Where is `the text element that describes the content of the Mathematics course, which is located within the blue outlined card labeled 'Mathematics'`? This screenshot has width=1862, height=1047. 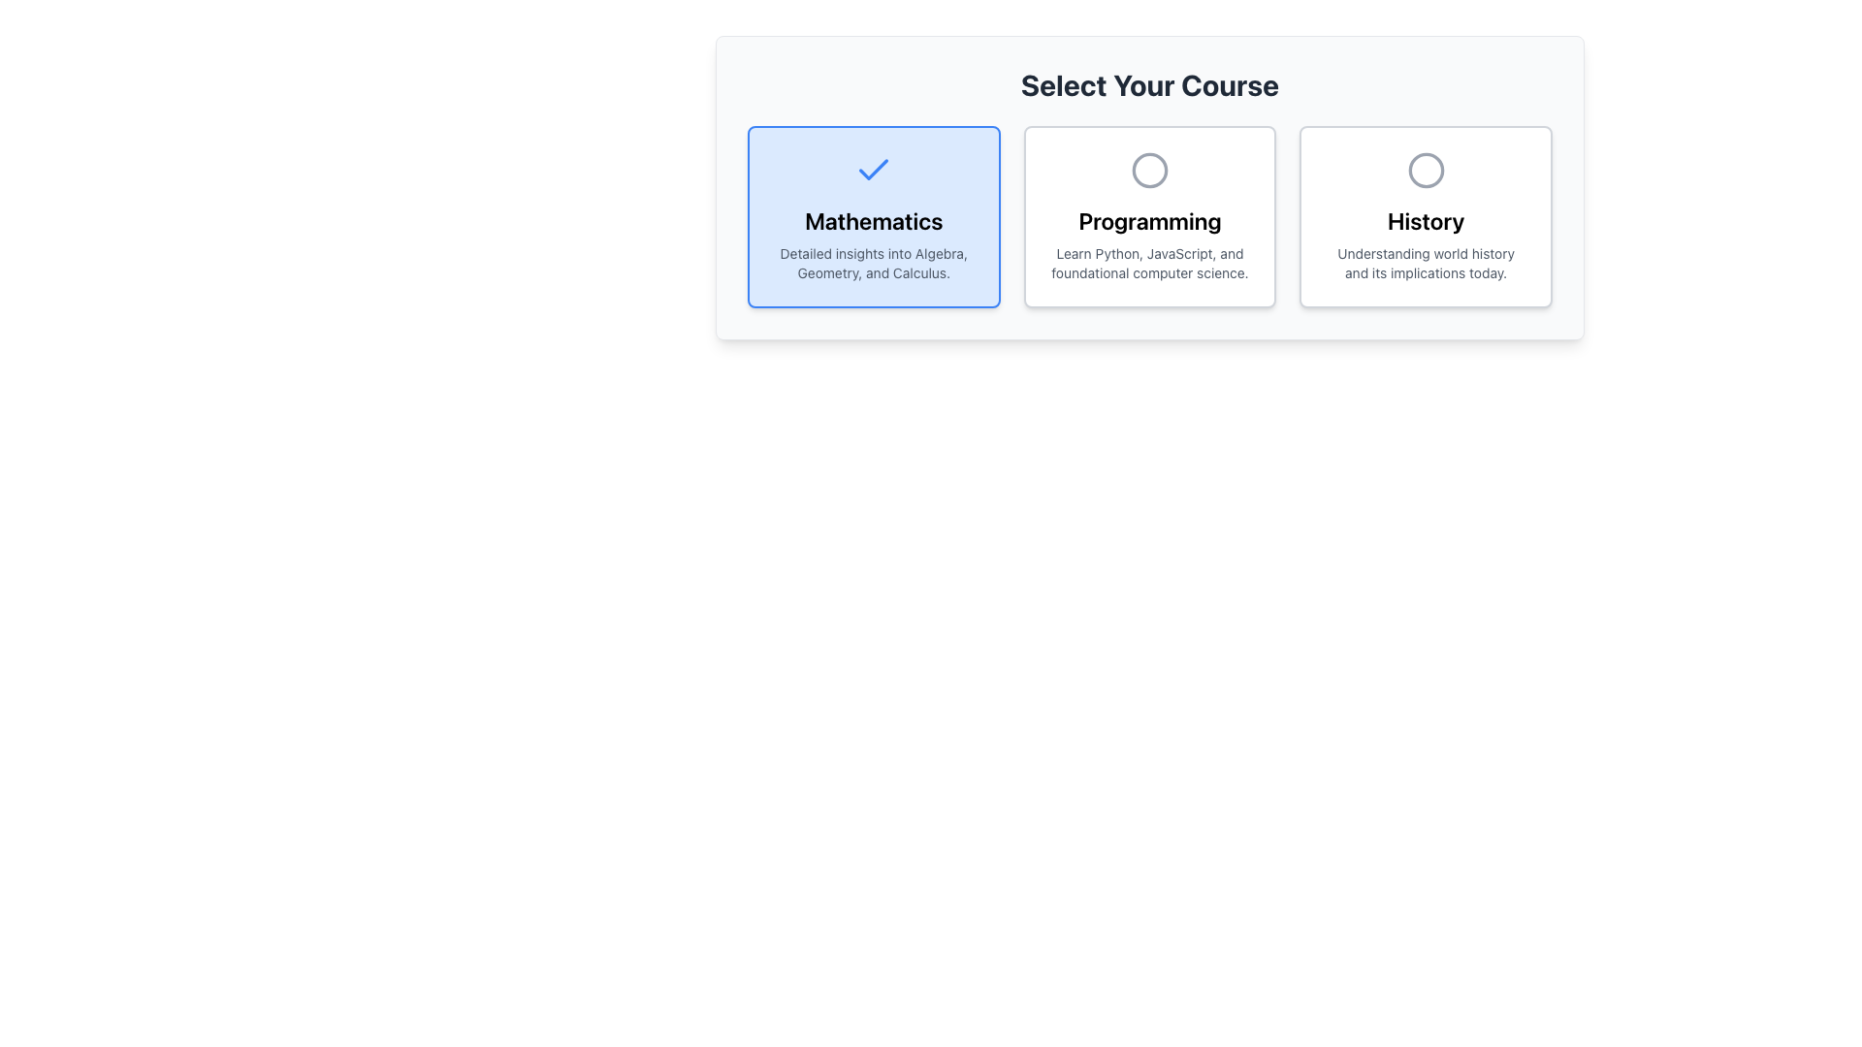
the text element that describes the content of the Mathematics course, which is located within the blue outlined card labeled 'Mathematics' is located at coordinates (873, 264).